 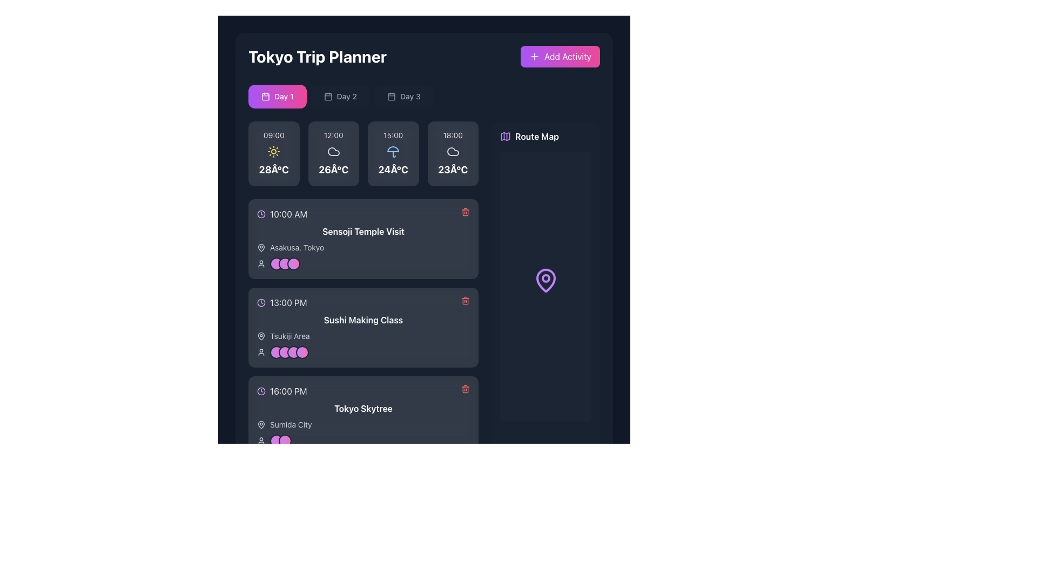 What do you see at coordinates (453, 152) in the screenshot?
I see `the cloud shape icon located in the third weather tile under the 'Day 1' tab in the 'Tokyo Trip Planner' application, corresponding to the 18:00 time slot` at bounding box center [453, 152].